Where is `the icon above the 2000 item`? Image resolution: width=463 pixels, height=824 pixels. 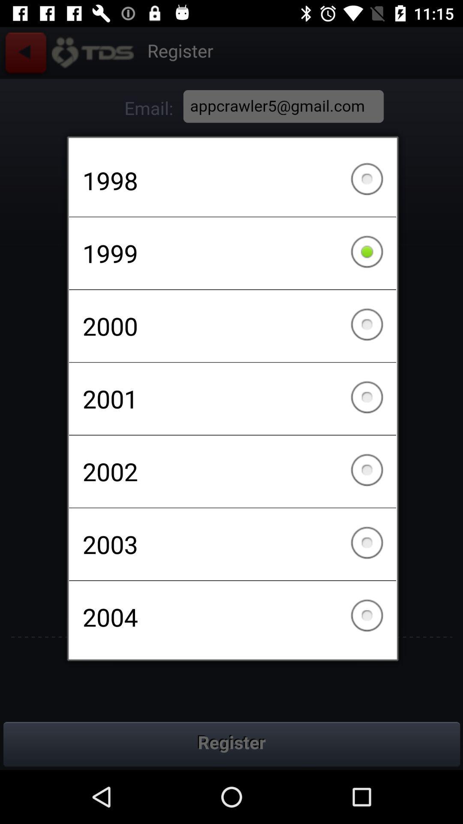 the icon above the 2000 item is located at coordinates (232, 253).